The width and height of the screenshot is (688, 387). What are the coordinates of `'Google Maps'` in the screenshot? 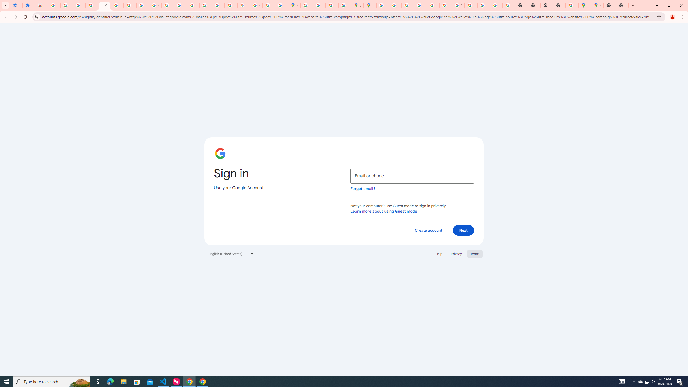 It's located at (597, 5).